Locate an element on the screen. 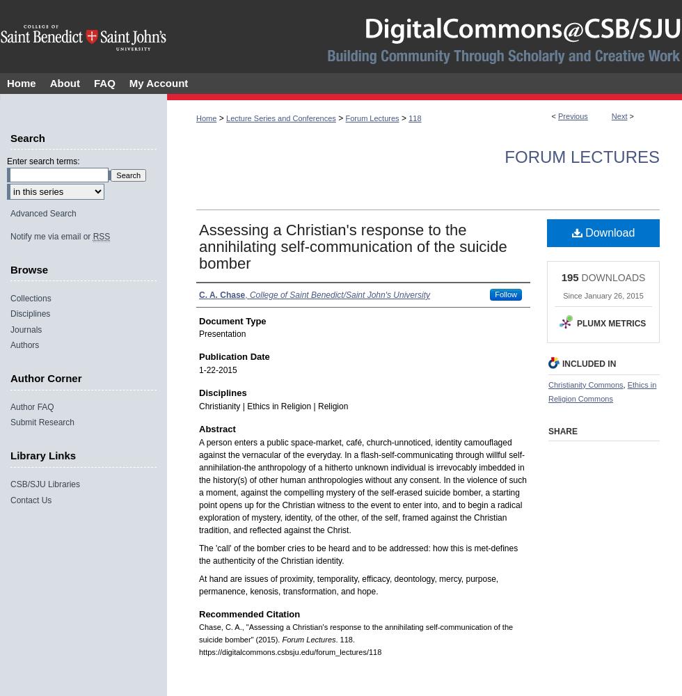 Image resolution: width=682 pixels, height=696 pixels. '195' is located at coordinates (560, 276).